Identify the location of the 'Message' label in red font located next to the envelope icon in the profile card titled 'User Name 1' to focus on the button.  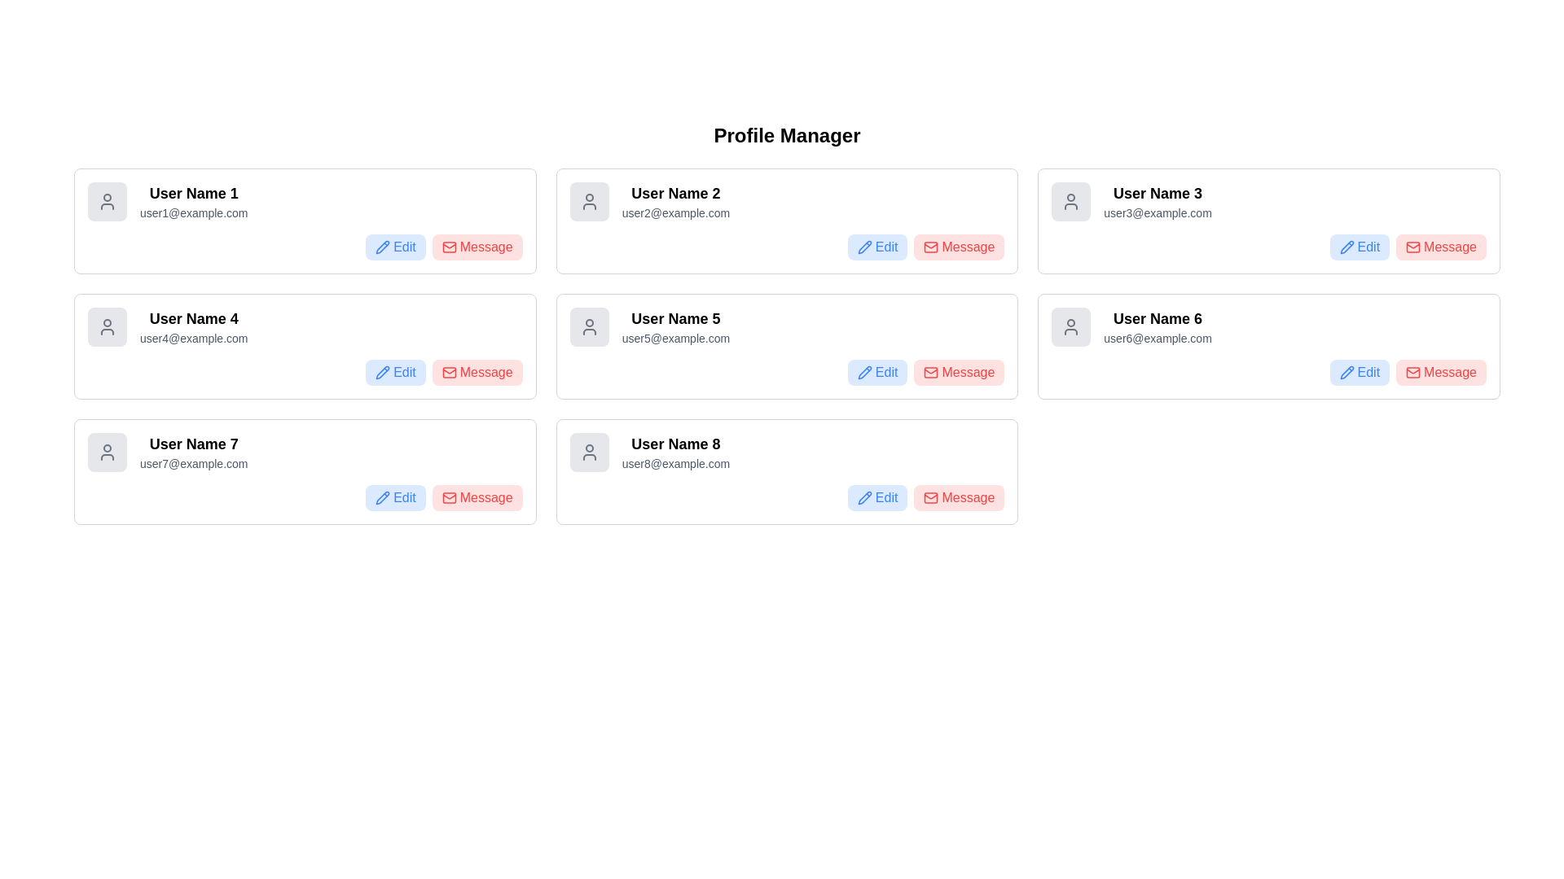
(485, 247).